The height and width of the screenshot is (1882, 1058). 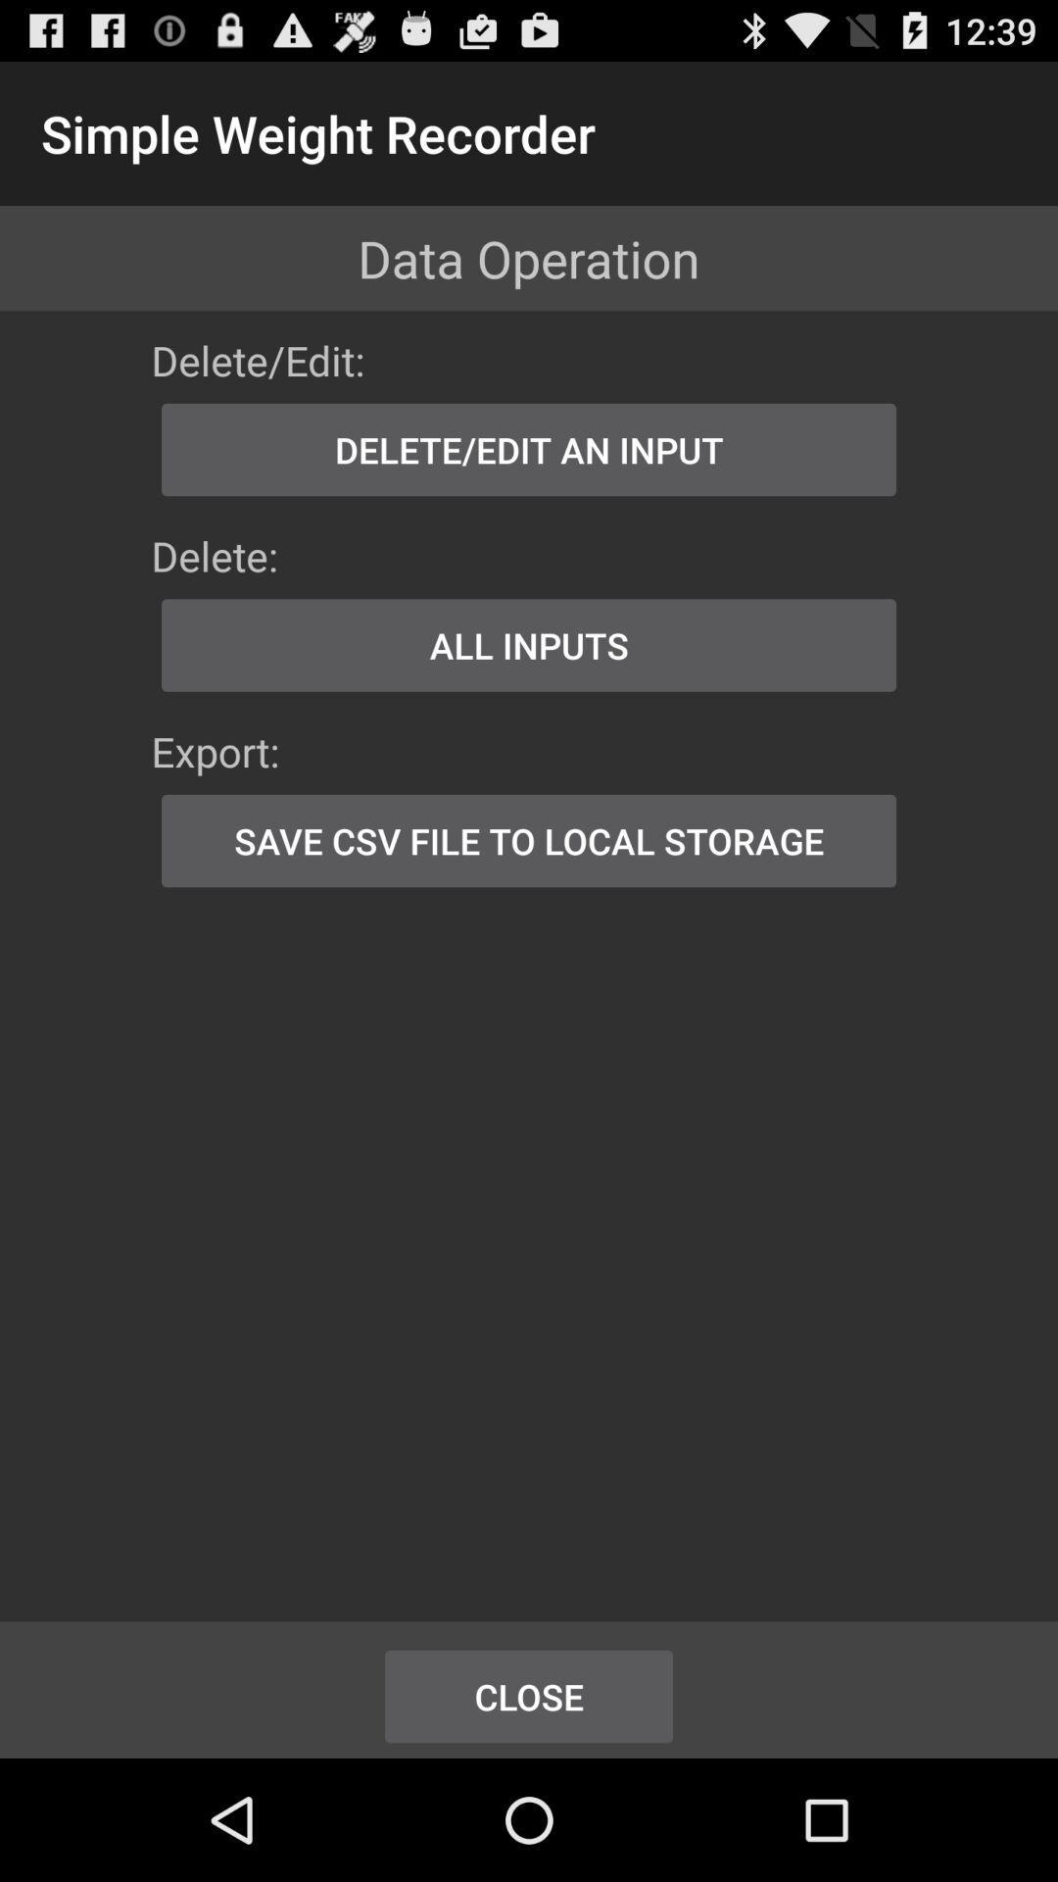 I want to click on the icon below the save csv file, so click(x=529, y=1696).